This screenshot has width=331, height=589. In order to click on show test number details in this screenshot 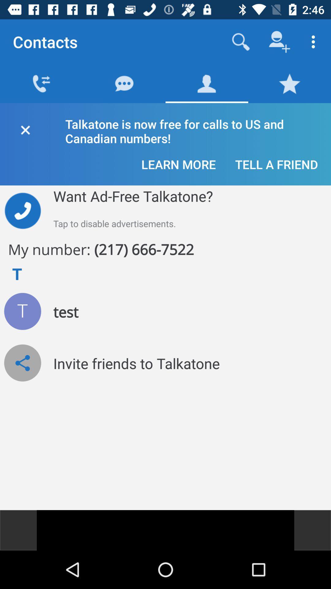, I will do `click(22, 311)`.